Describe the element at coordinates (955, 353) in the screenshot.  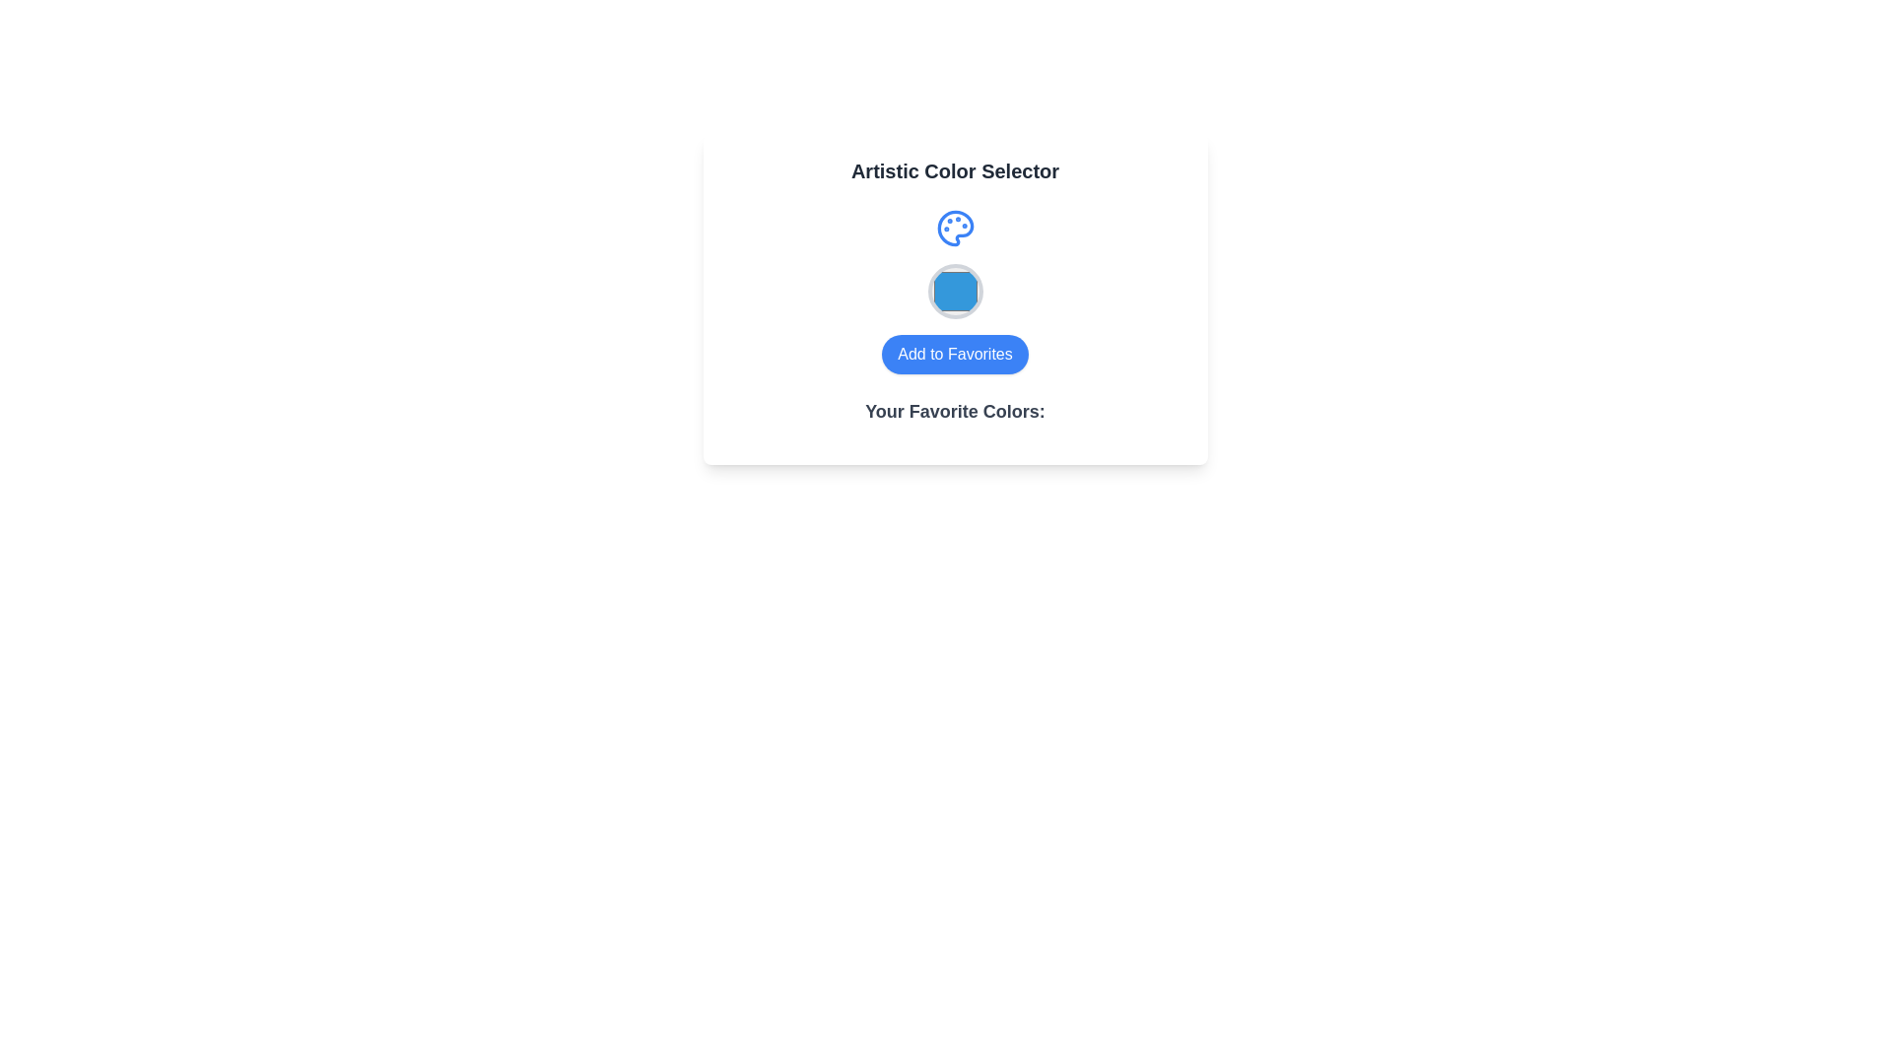
I see `the 'Add to Favorites' button, which is a rounded rectangular blue button located at the bottom of a vertical layout` at that location.